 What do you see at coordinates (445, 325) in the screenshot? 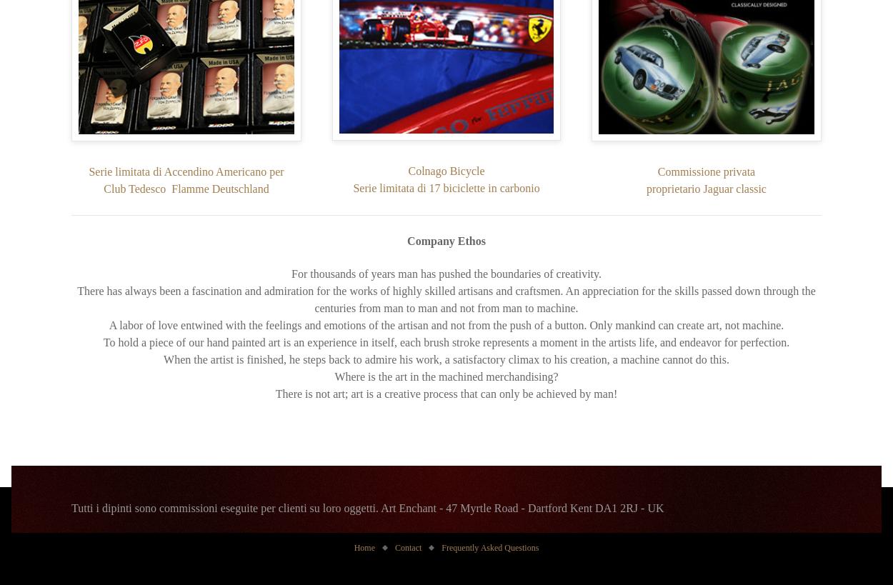
I see `'A labor of love entwined with the feelings and emotions of the artisan and not from the push of a button. Only mankind can create art, not machine.'` at bounding box center [445, 325].